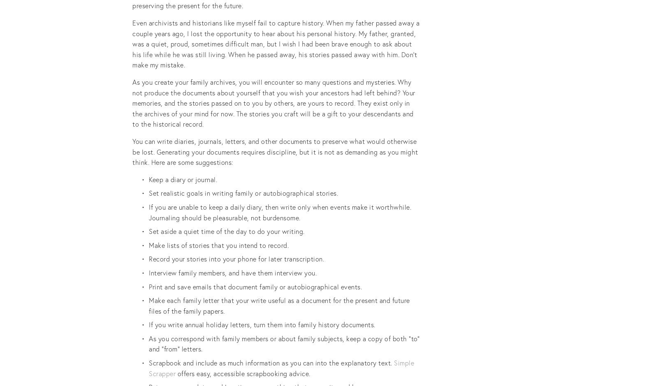 The height and width of the screenshot is (386, 658). I want to click on 'Print and save emails that document family or autobiographical events.', so click(149, 286).